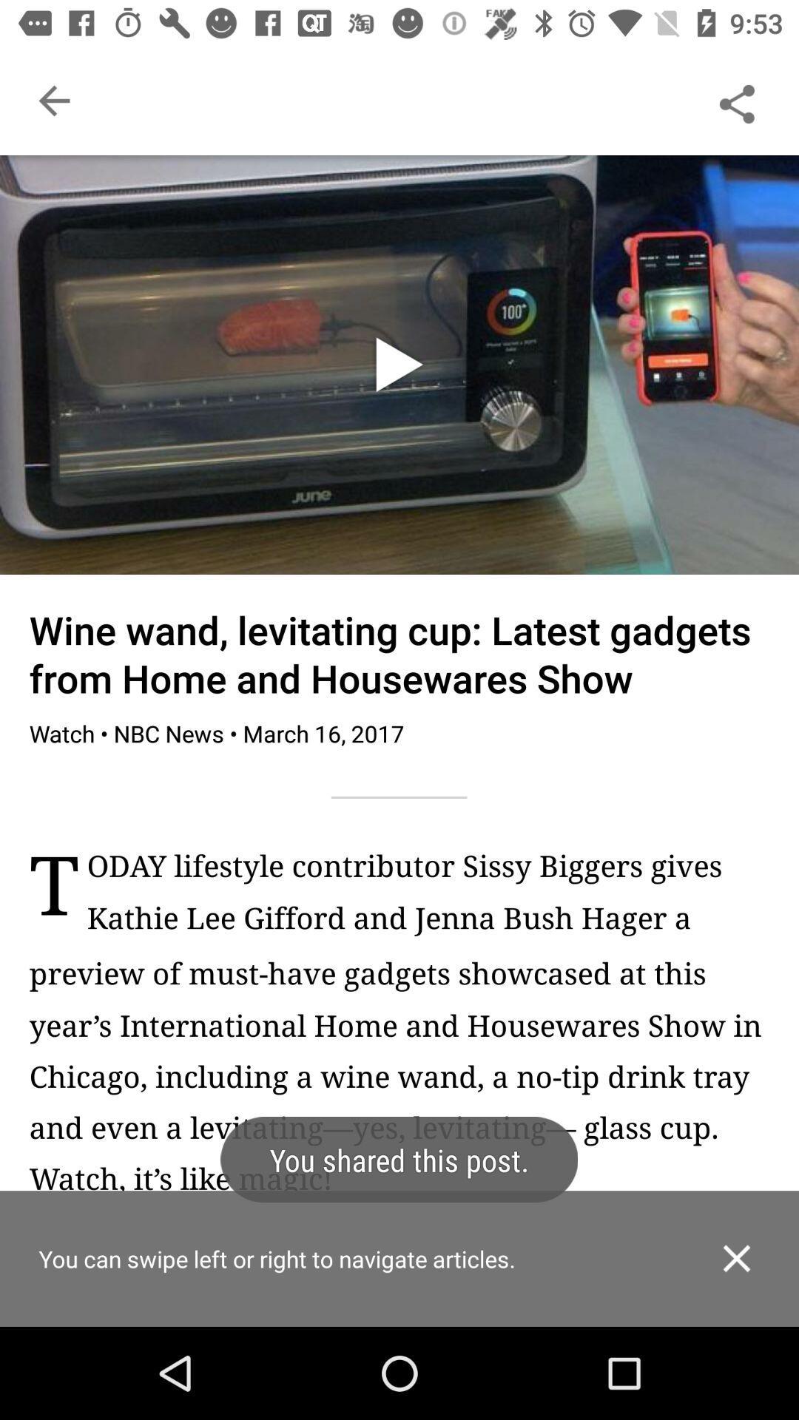  I want to click on indication message, so click(399, 1283).